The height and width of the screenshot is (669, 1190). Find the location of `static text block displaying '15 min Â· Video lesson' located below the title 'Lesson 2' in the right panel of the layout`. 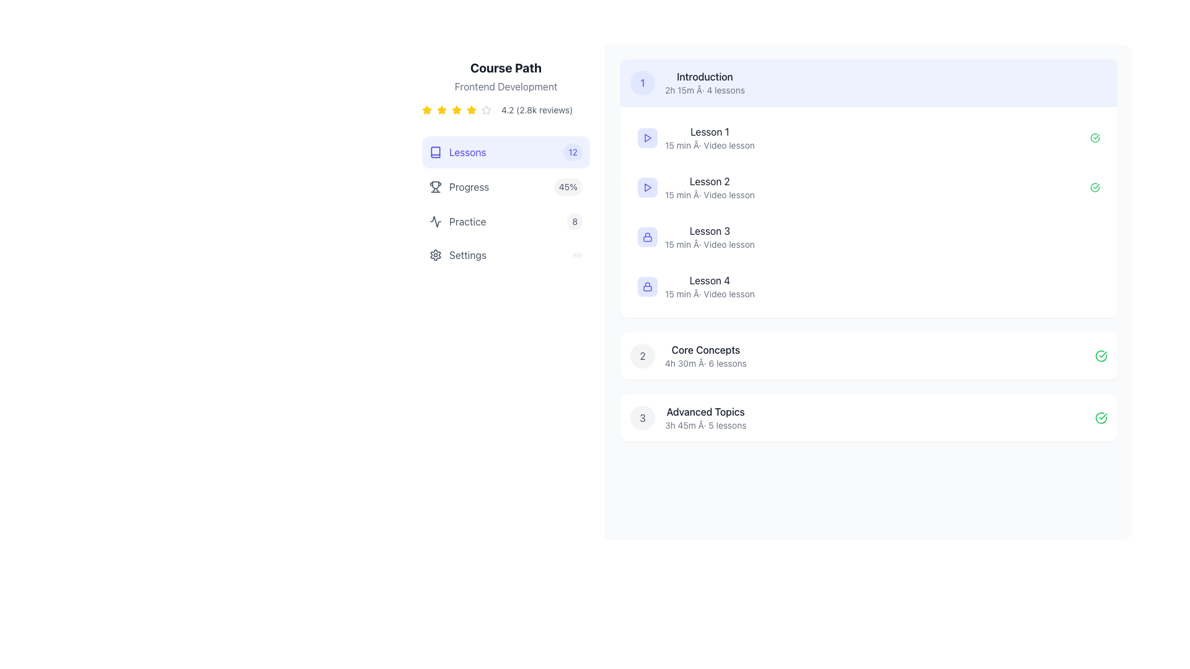

static text block displaying '15 min Â· Video lesson' located below the title 'Lesson 2' in the right panel of the layout is located at coordinates (710, 195).